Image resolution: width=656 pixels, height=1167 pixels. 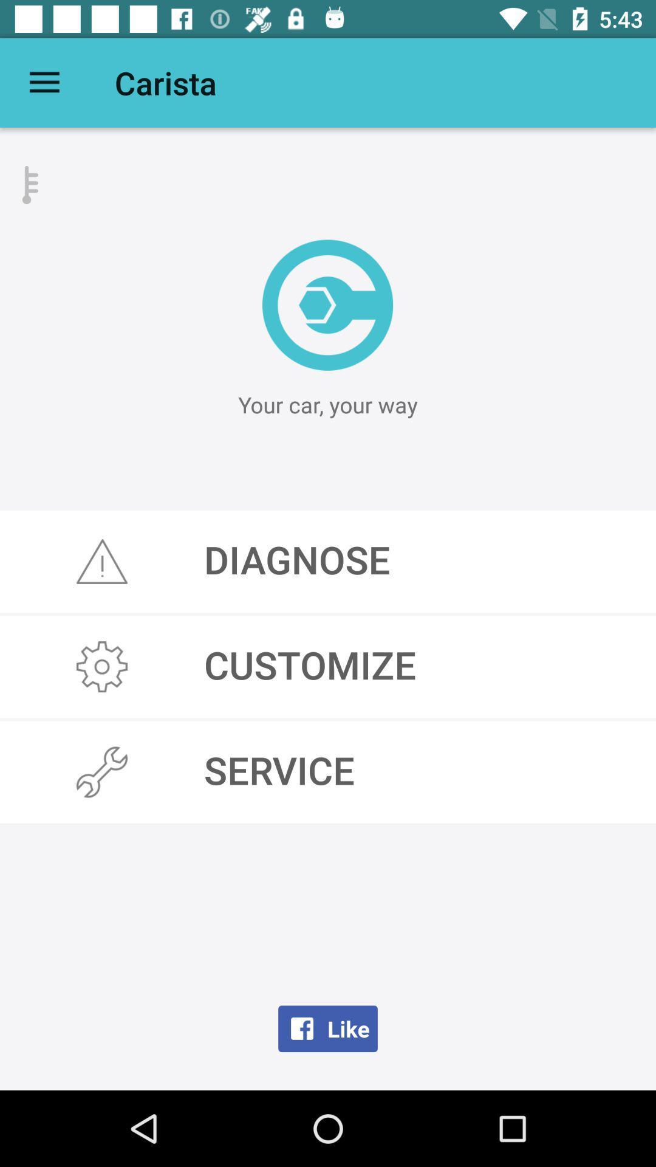 What do you see at coordinates (328, 771) in the screenshot?
I see `the service` at bounding box center [328, 771].